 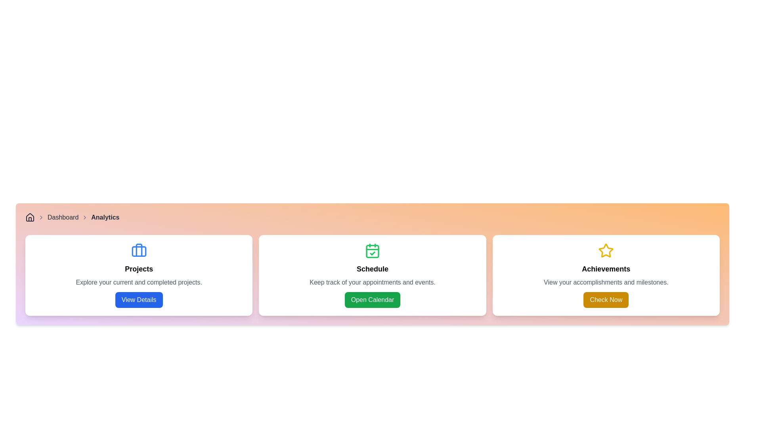 I want to click on the green rectangular button labeled 'Open Calendar' located at the bottom of the 'Schedule' card, so click(x=372, y=300).